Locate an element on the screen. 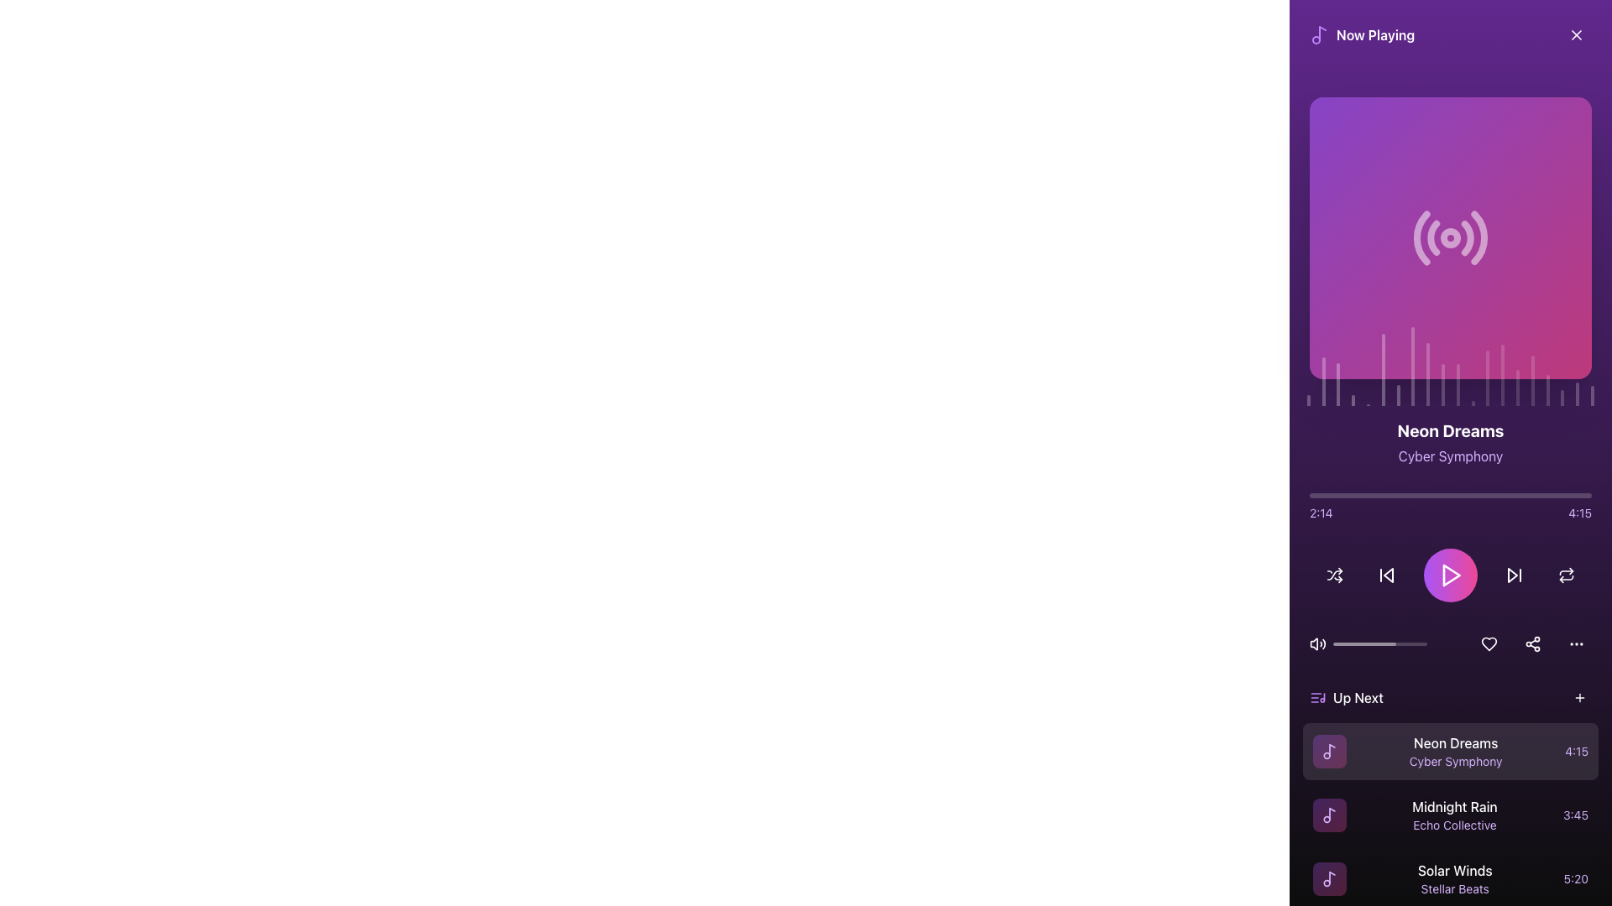  the volume slider is located at coordinates (1373, 643).